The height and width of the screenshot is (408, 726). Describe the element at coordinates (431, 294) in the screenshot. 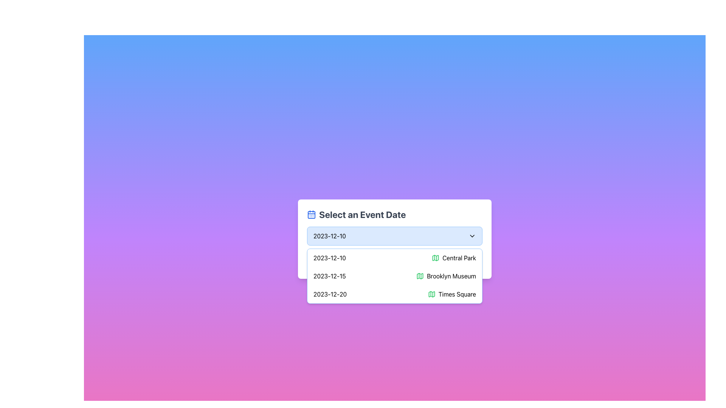

I see `the icon representing the location for the event 'Times Square', located in the third row of the list below the dropdown labeled 'Select an Event Date'` at that location.